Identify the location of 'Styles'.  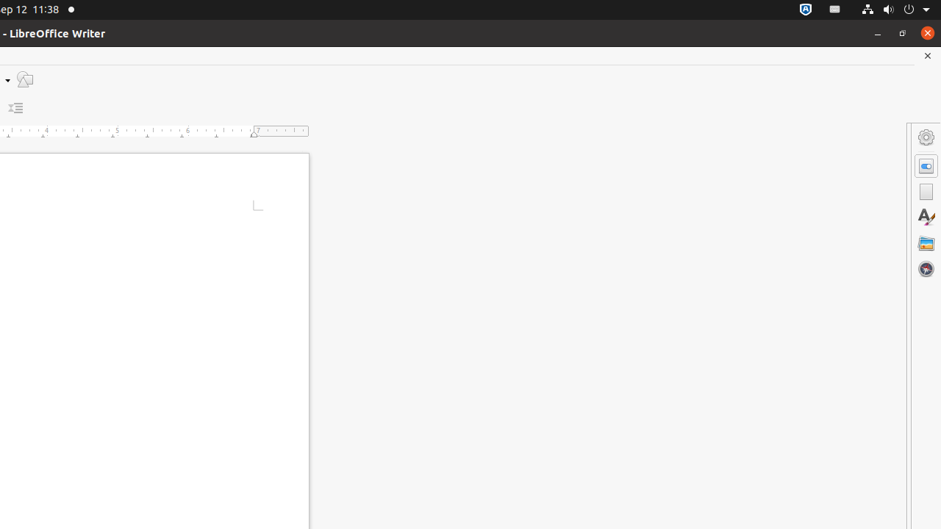
(926, 217).